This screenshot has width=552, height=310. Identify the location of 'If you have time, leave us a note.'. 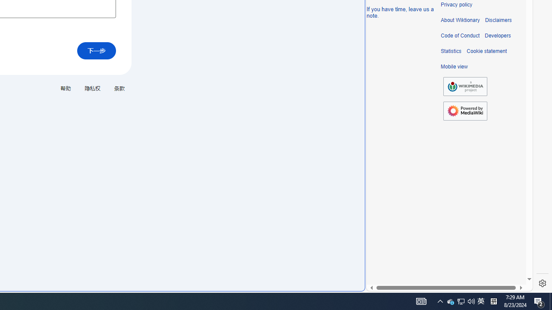
(400, 12).